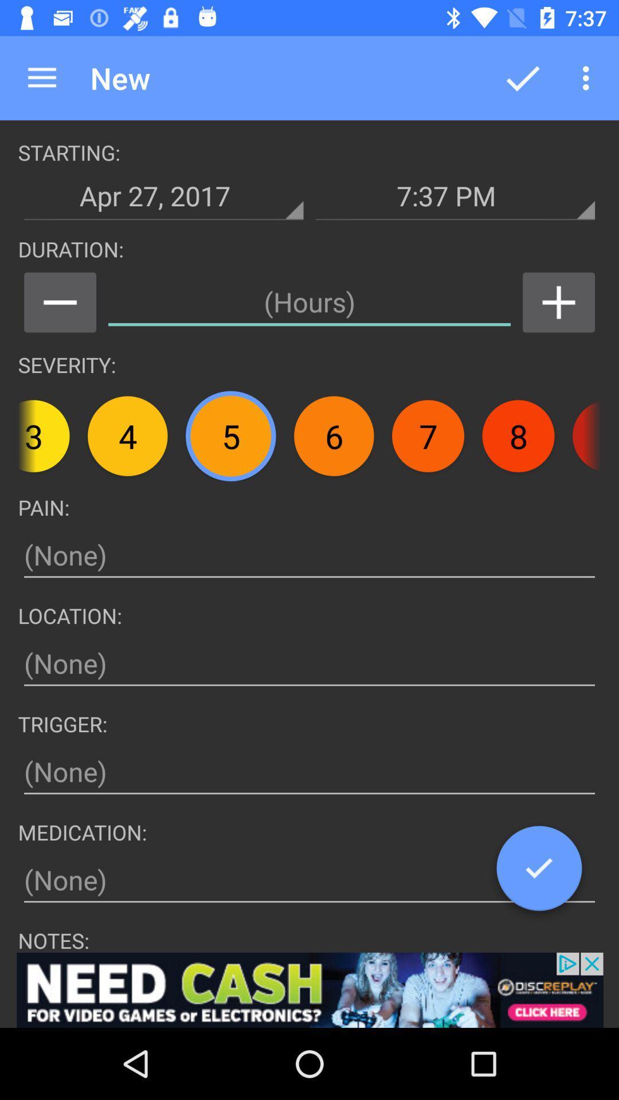 This screenshot has width=619, height=1100. Describe the element at coordinates (60, 302) in the screenshot. I see `degrees the option` at that location.